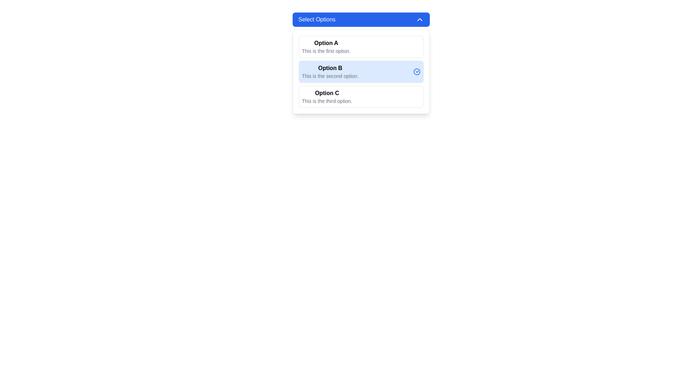  Describe the element at coordinates (417, 71) in the screenshot. I see `the blue circular icon with a checkmark associated with 'Option B', located to the right of the text` at that location.